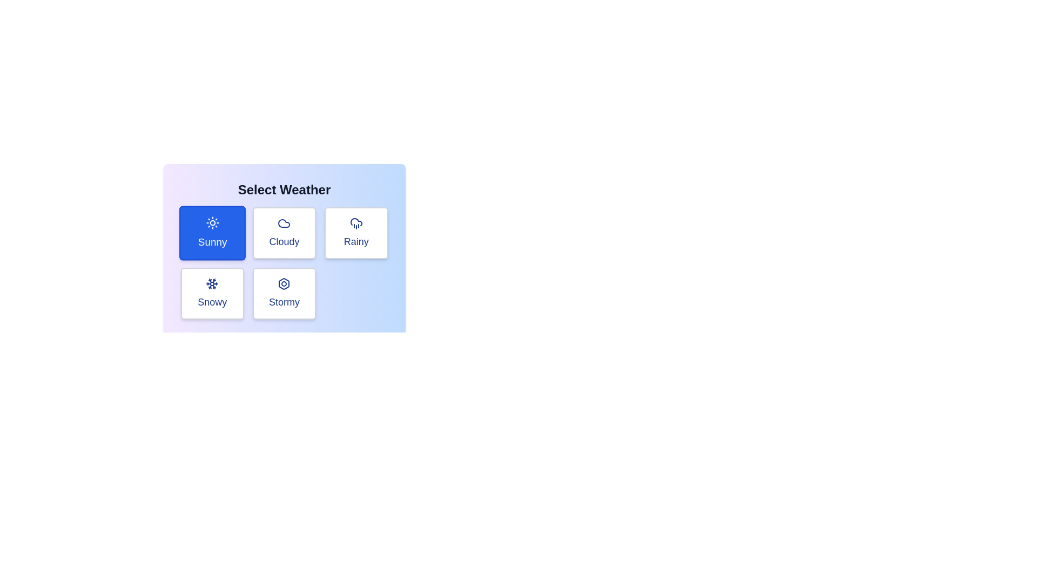  Describe the element at coordinates (212, 293) in the screenshot. I see `the 'Snowy' button, which is the first option in the second row of a weather selection menu, located below 'Sunny' and to the left of 'Stormy'` at that location.